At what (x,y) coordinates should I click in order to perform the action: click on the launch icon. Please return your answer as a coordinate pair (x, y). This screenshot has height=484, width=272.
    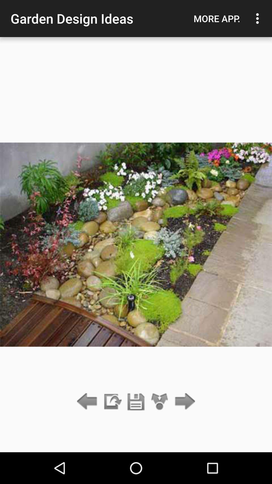
    Looking at the image, I should click on (112, 402).